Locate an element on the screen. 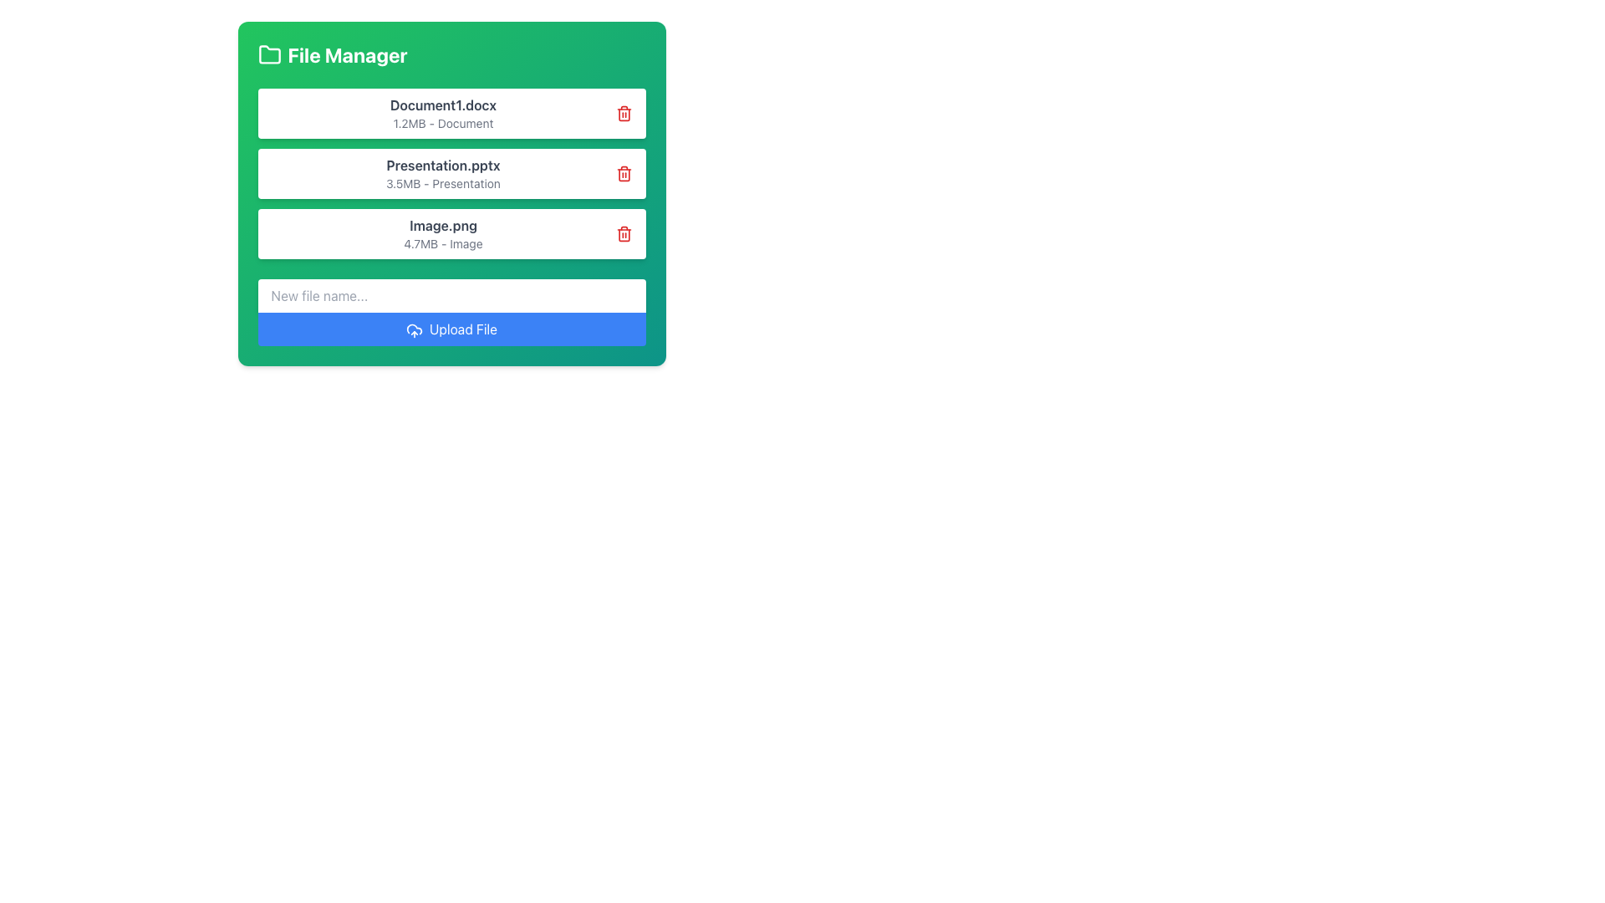 The height and width of the screenshot is (903, 1605). the bold-text label displaying the filename 'Presentation.pptx' which is centrally aligned and positioned above the descriptive text '3.5MB - Presentation' is located at coordinates (443, 165).